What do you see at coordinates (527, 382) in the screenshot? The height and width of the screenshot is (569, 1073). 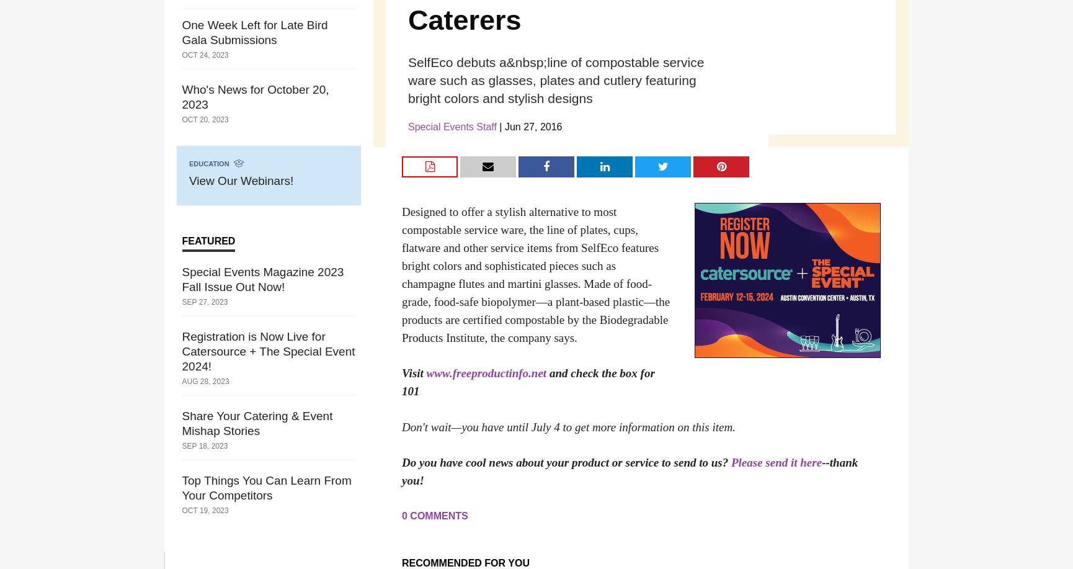 I see `'and check the box for 101'` at bounding box center [527, 382].